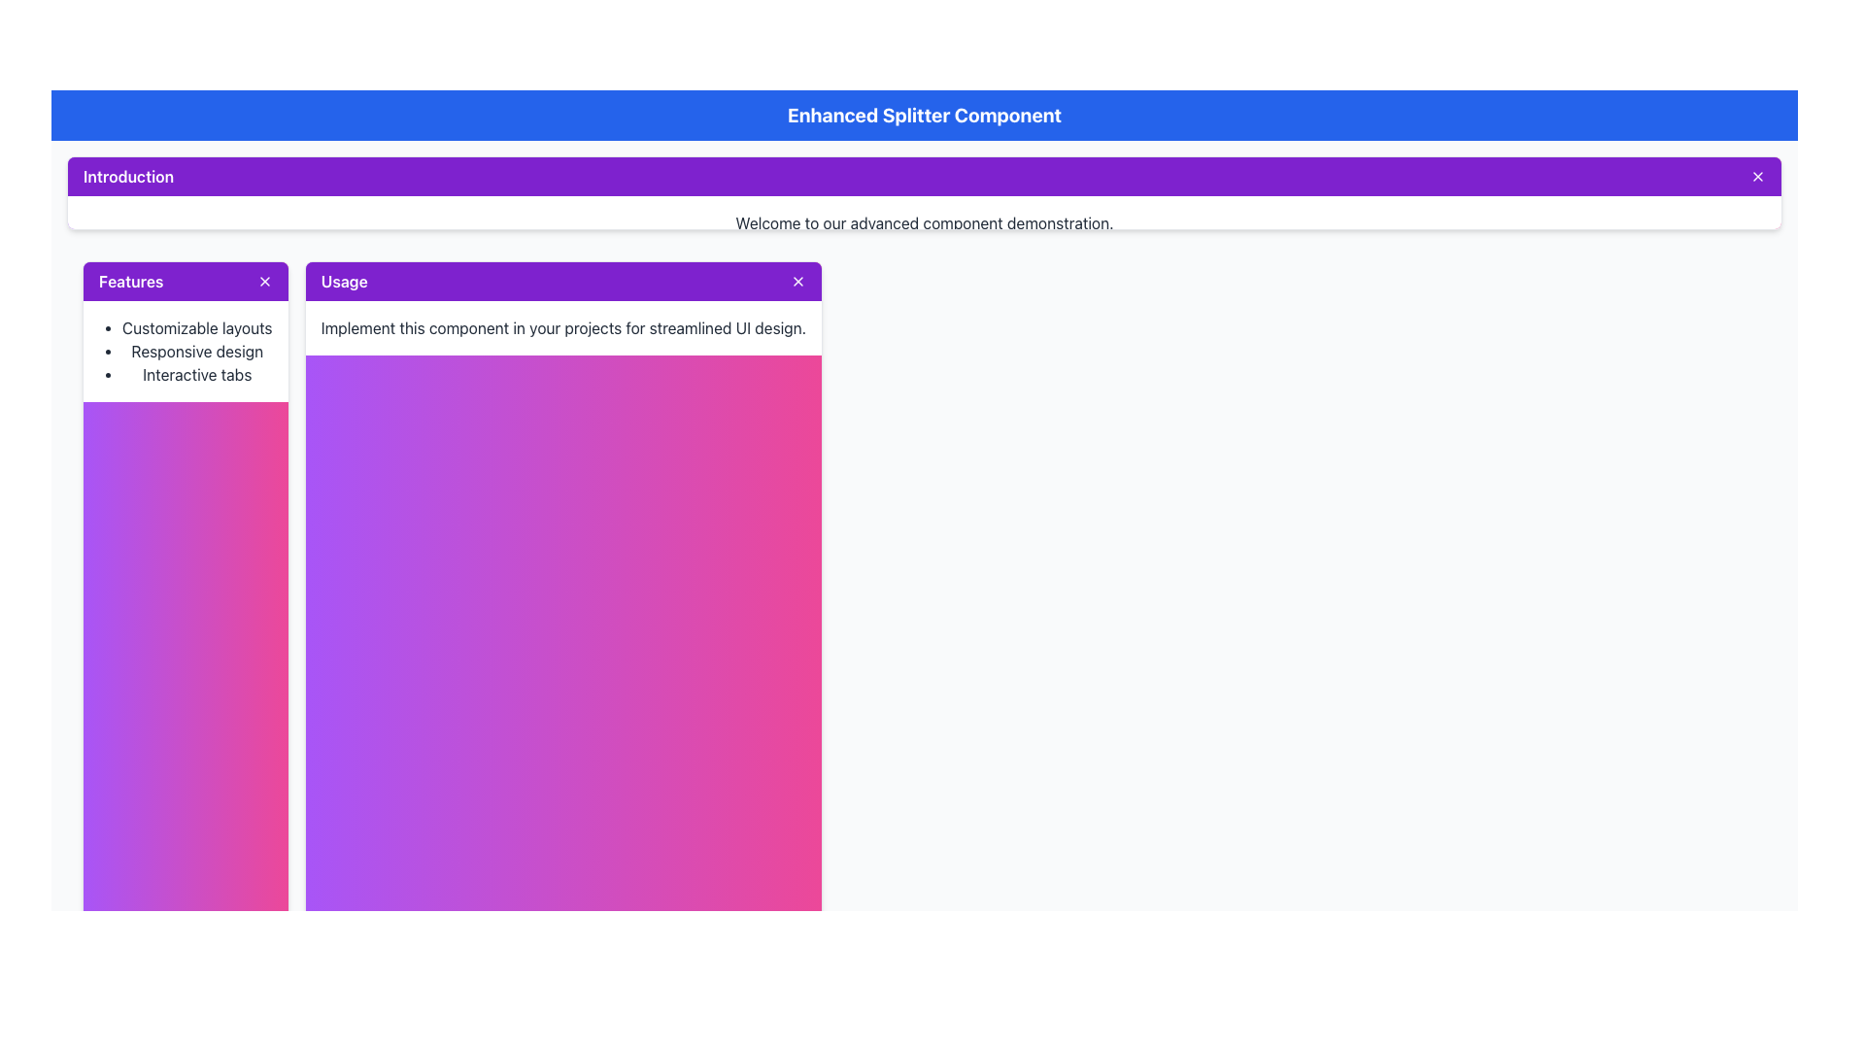  What do you see at coordinates (923, 222) in the screenshot?
I see `introductory text displayed in the central section beneath the 'Introduction' header, which is styled with a gradient background from purple to pink` at bounding box center [923, 222].